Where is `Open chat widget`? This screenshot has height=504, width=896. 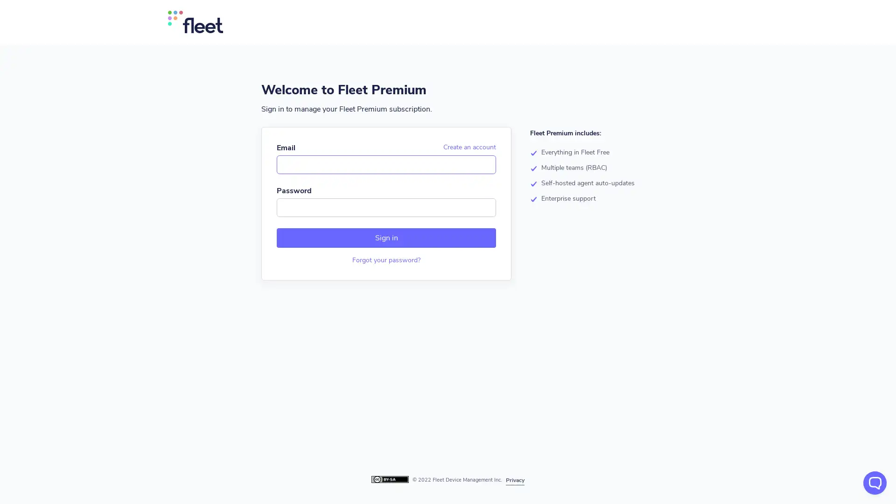 Open chat widget is located at coordinates (875, 483).